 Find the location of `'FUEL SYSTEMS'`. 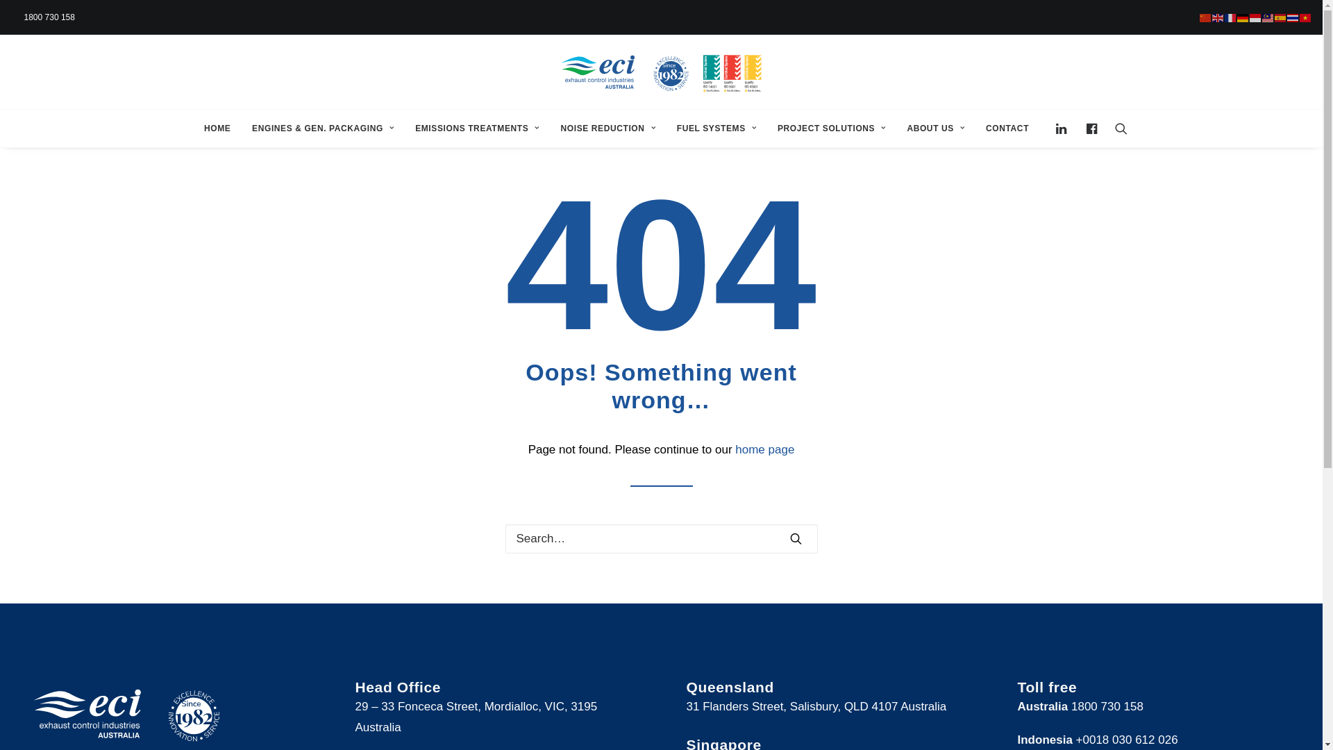

'FUEL SYSTEMS' is located at coordinates (716, 128).